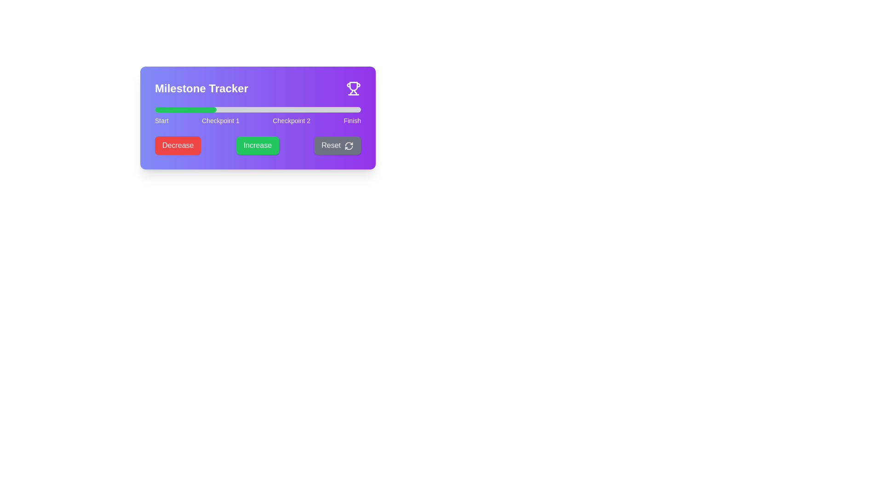 The width and height of the screenshot is (883, 496). I want to click on the reset icon located to the right of the green 'Increase' button, so click(348, 145).